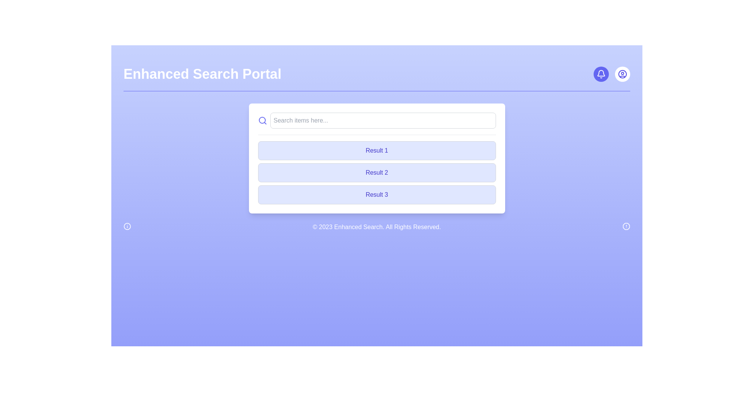 This screenshot has width=732, height=411. Describe the element at coordinates (377, 151) in the screenshot. I see `the 'Result 1' button-like component to initiate the action associated with this search result` at that location.